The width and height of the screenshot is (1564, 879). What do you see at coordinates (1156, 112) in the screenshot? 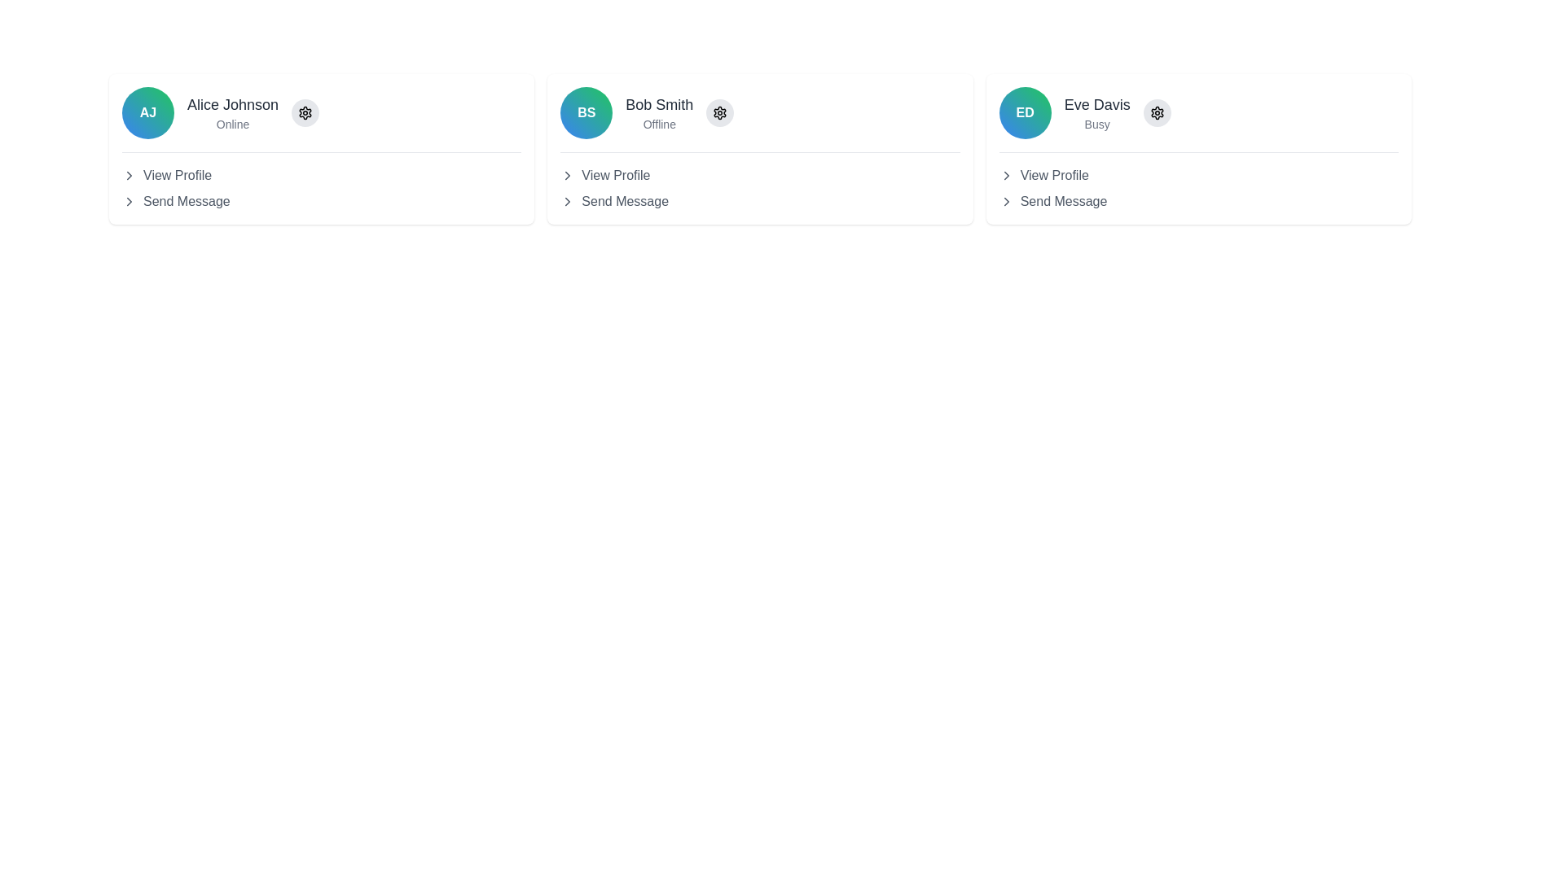
I see `the gear-shaped settings icon located to the right of the name 'Eve Davis'` at bounding box center [1156, 112].